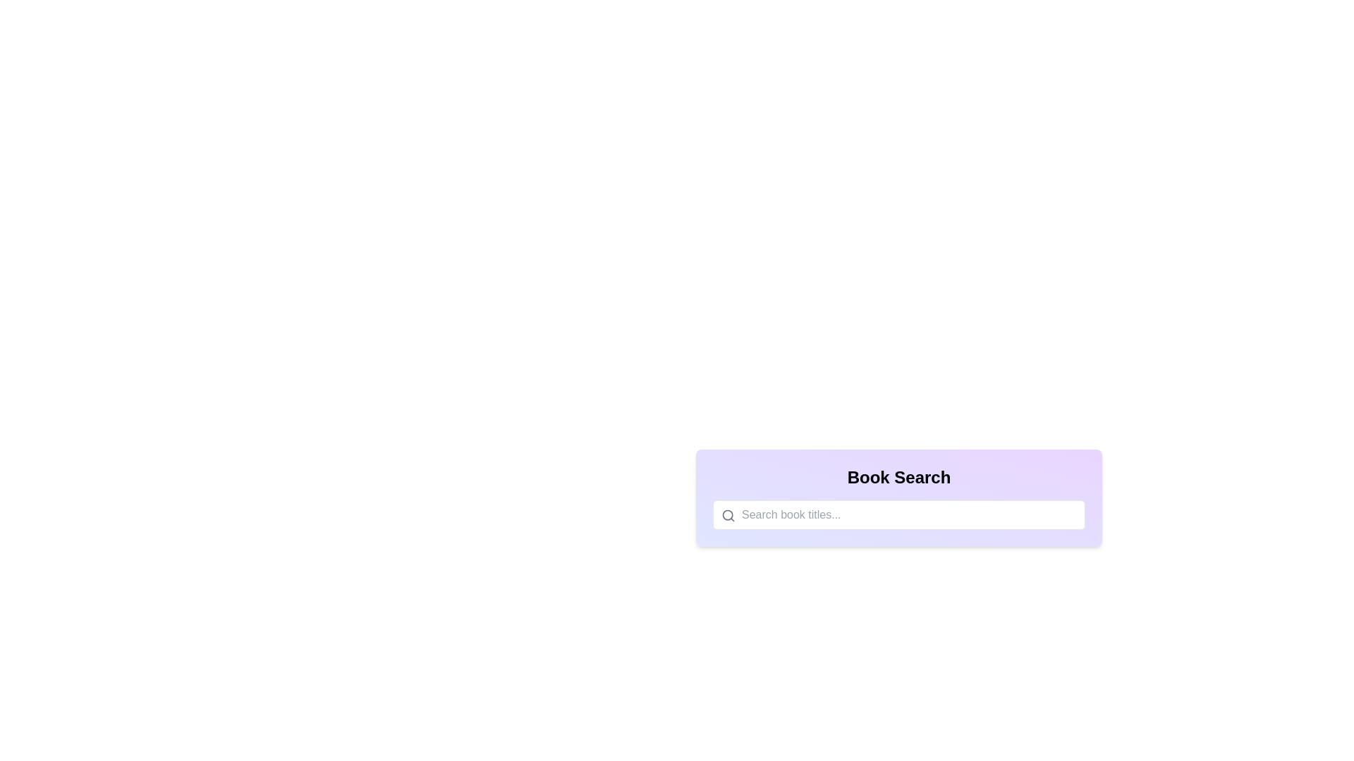 The height and width of the screenshot is (761, 1354). I want to click on the decorative SVG circle graphic of the magnifying glass icon, which symbolizes the search functionality, located to the left of the placeholder text 'Search book titles...', so click(728, 515).